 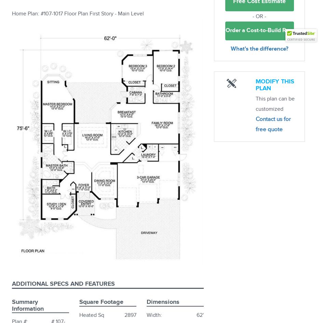 What do you see at coordinates (262, 29) in the screenshot?
I see `'Order a Cost-to-Build Report'` at bounding box center [262, 29].